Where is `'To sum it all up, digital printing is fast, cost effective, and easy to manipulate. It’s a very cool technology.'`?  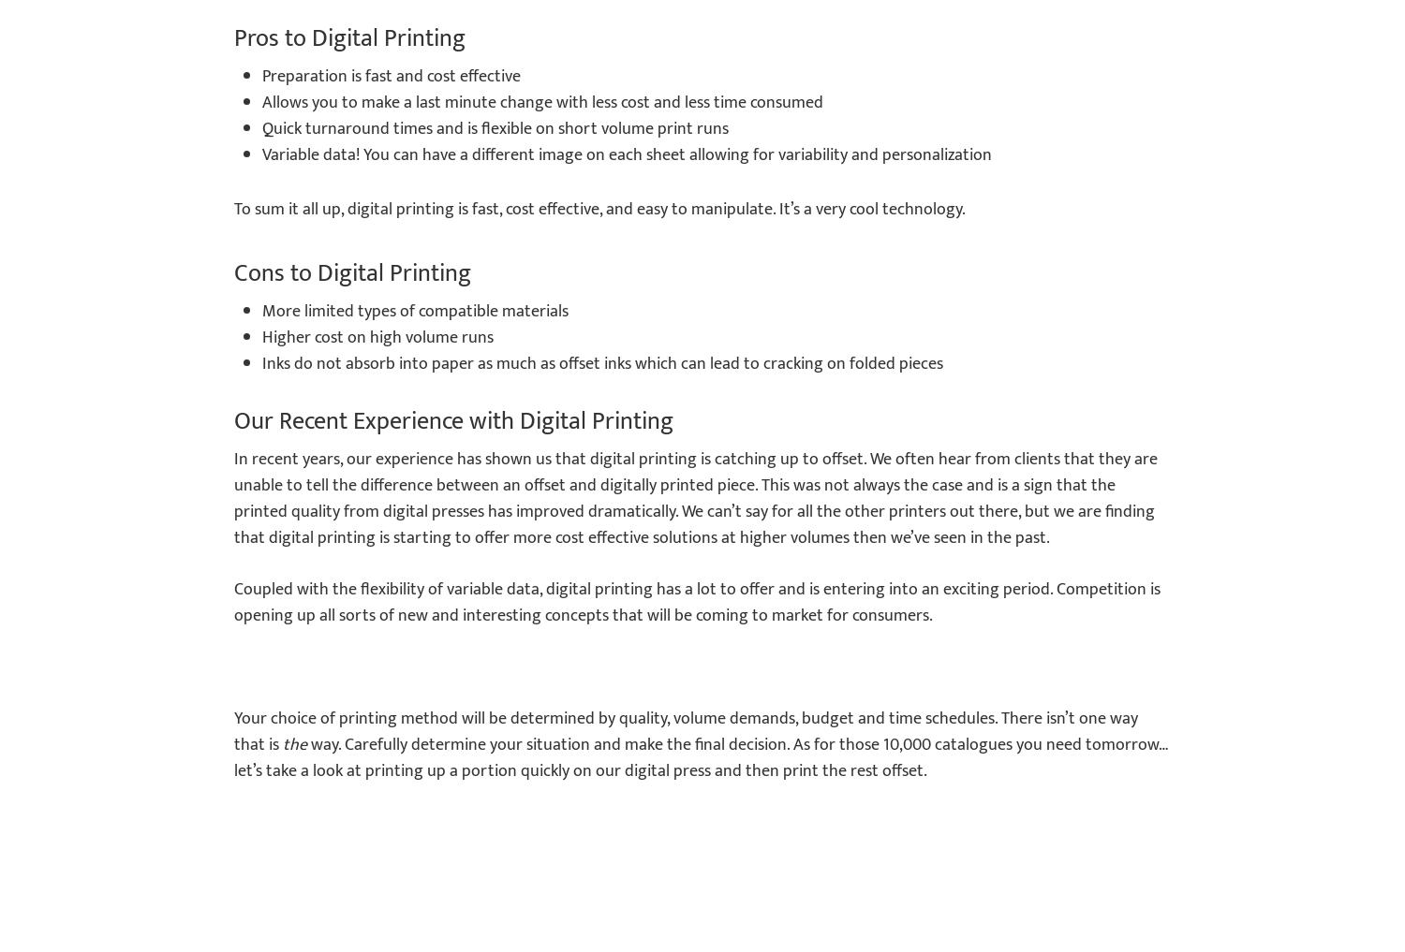 'To sum it all up, digital printing is fast, cost effective, and easy to manipulate. It’s a very cool technology.' is located at coordinates (599, 210).